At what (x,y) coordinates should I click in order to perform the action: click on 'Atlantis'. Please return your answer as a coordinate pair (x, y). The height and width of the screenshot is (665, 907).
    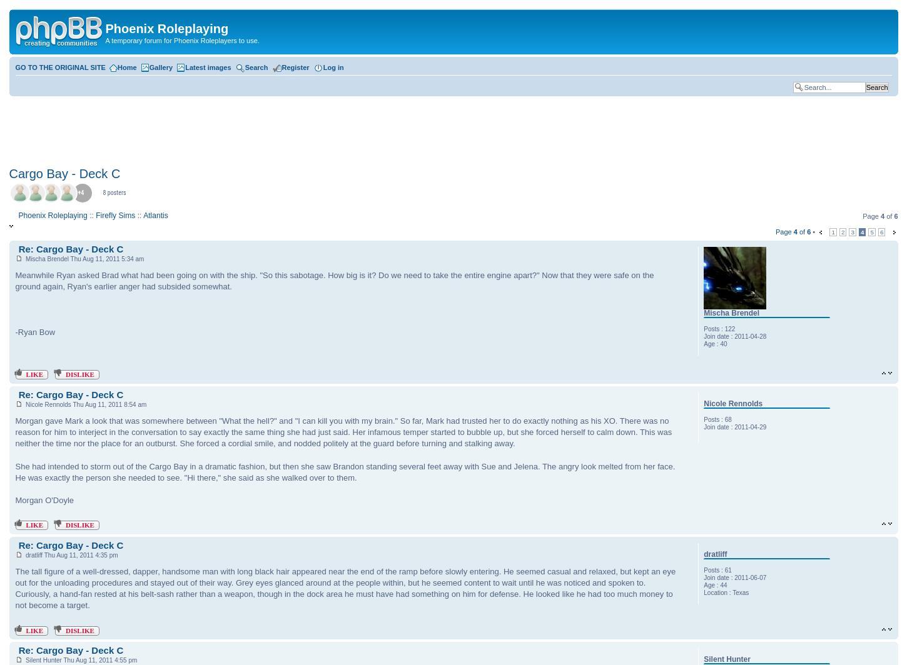
    Looking at the image, I should click on (142, 215).